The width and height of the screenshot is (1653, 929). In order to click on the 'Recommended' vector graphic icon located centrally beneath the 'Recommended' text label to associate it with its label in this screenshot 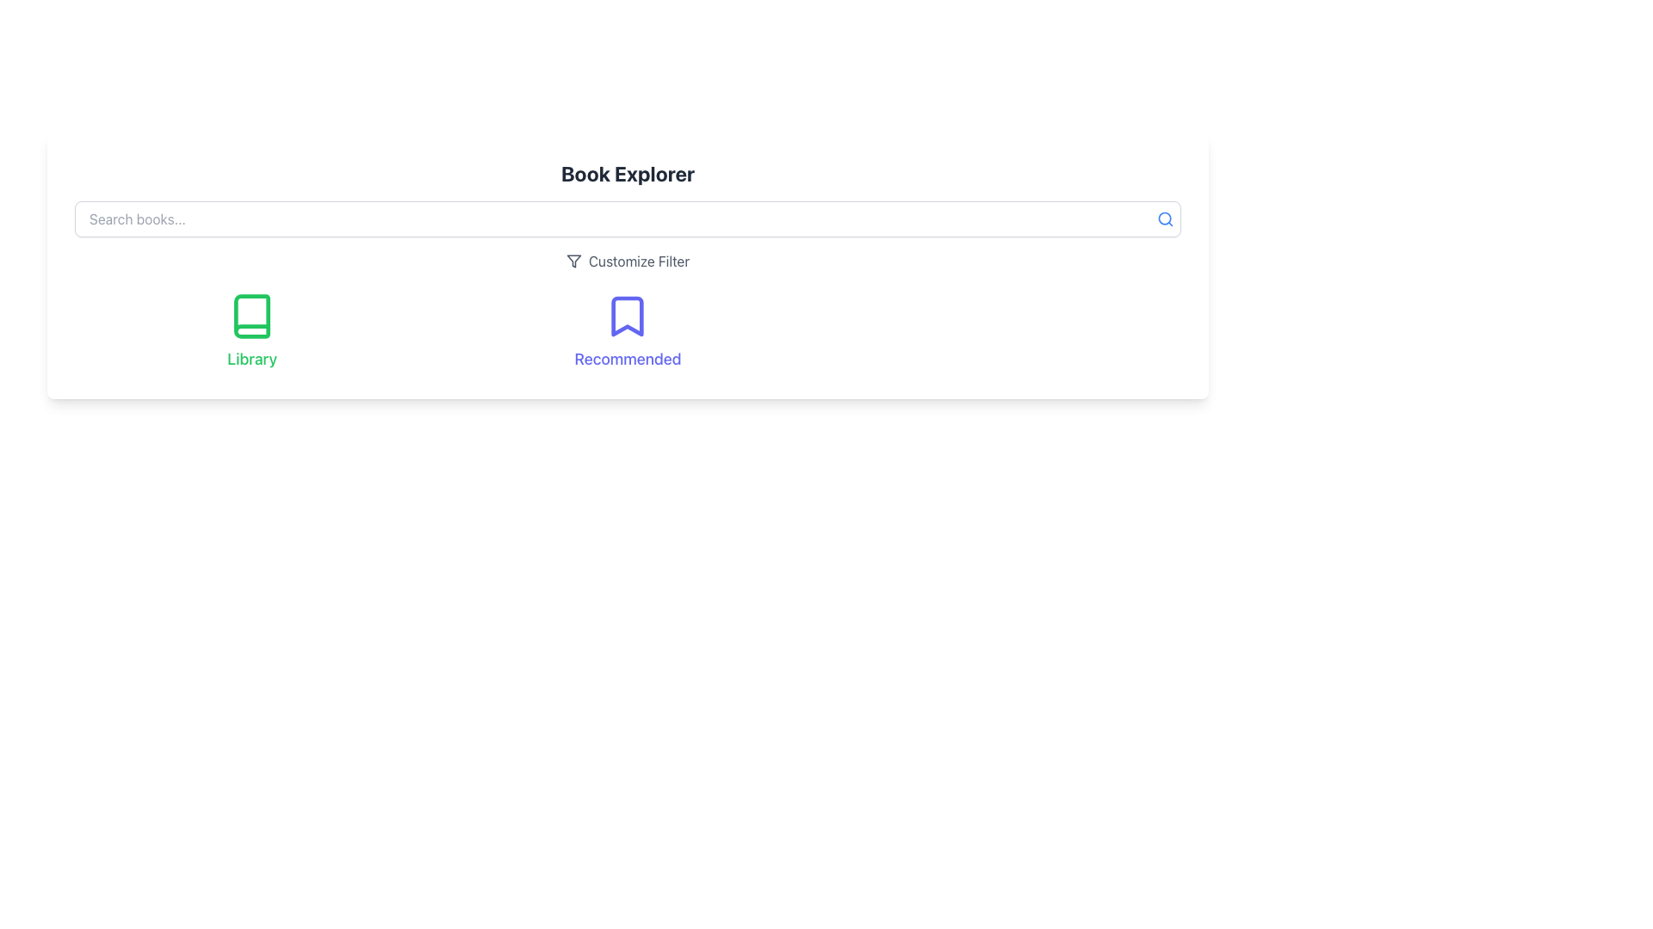, I will do `click(627, 316)`.